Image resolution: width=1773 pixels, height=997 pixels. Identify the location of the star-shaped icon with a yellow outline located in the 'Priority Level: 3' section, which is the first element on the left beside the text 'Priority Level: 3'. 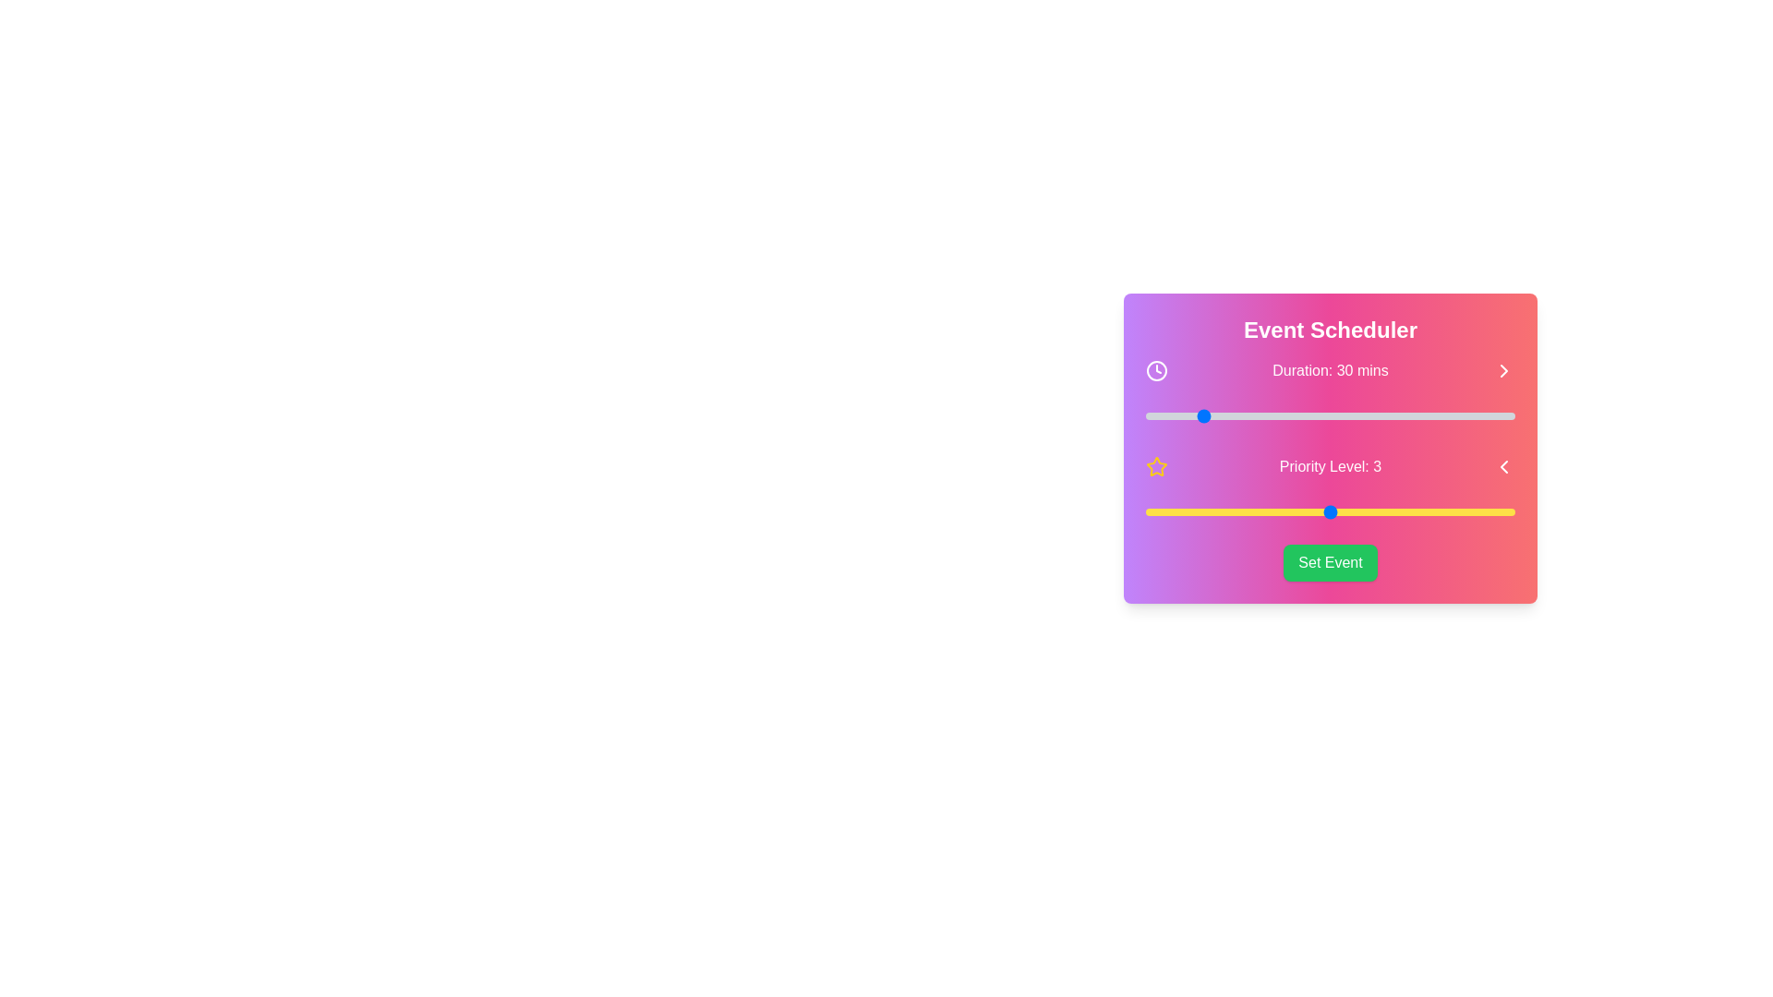
(1155, 465).